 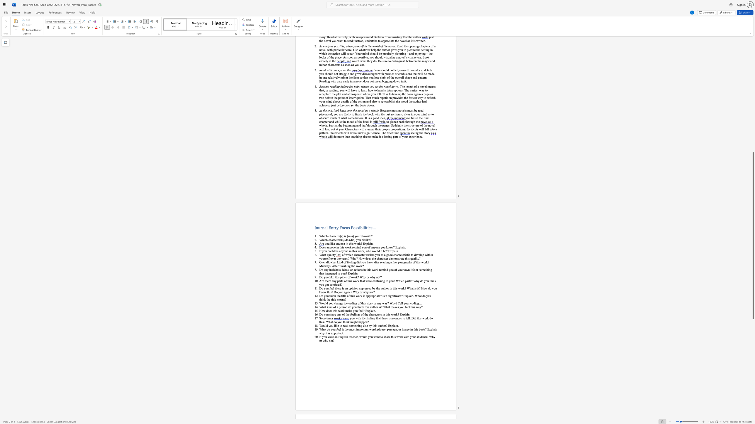 I want to click on the subset text "s w" within the text "Does anyone in this work remind you of anyone you know? Explain.", so click(x=343, y=247).